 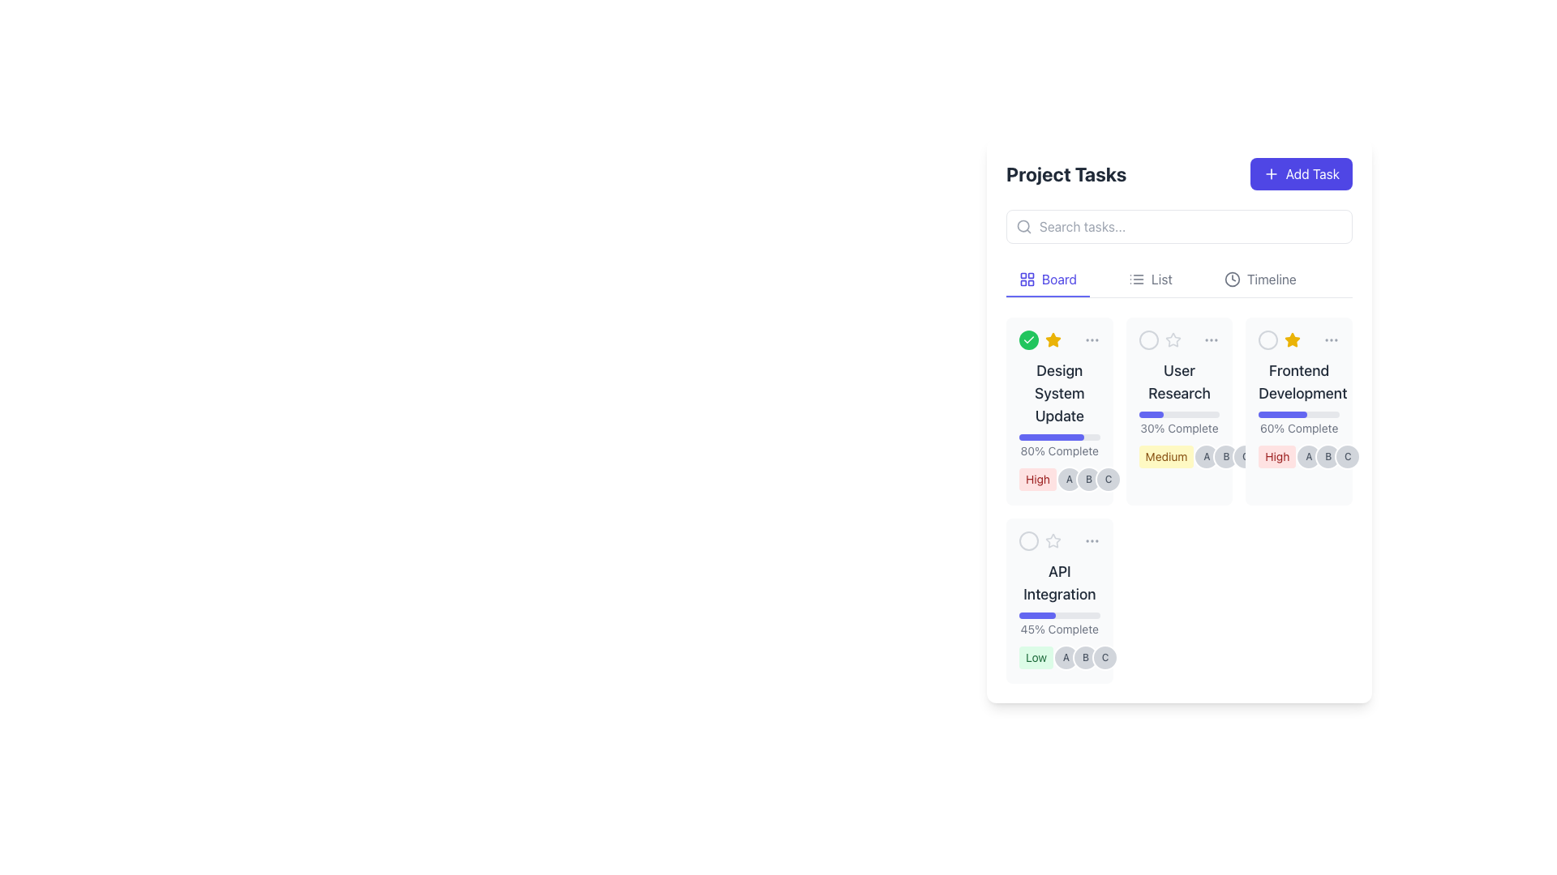 What do you see at coordinates (1059, 339) in the screenshot?
I see `the green circle status indicator for the 'Design System Update' task located at the top of the task card` at bounding box center [1059, 339].